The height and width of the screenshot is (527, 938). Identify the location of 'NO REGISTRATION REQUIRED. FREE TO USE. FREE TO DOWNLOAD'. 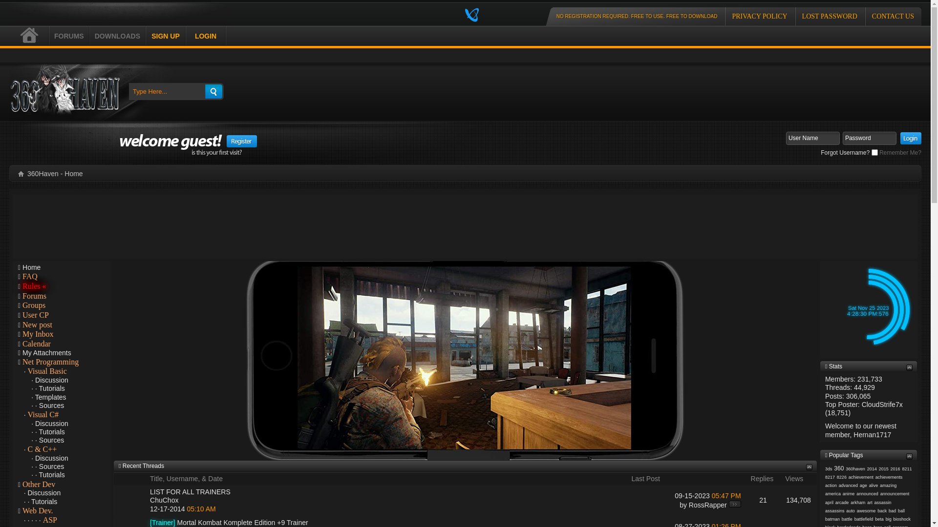
(639, 17).